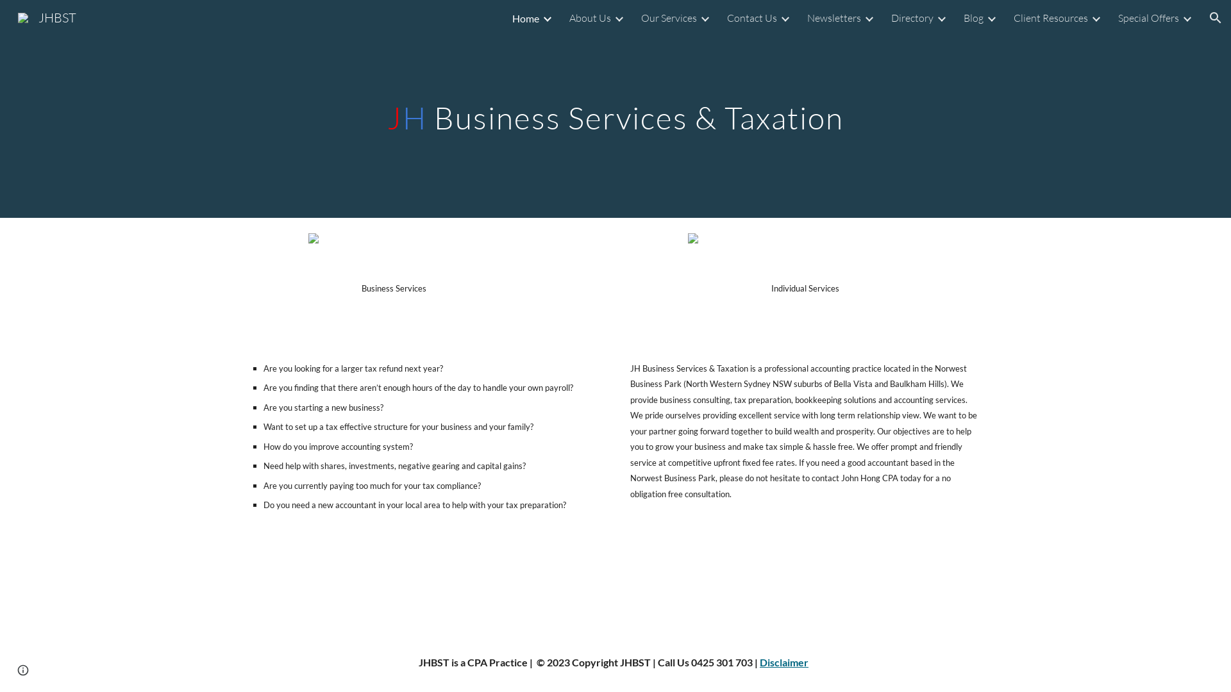 Image resolution: width=1231 pixels, height=692 pixels. Describe the element at coordinates (990, 17) in the screenshot. I see `'Expand/Collapse'` at that location.